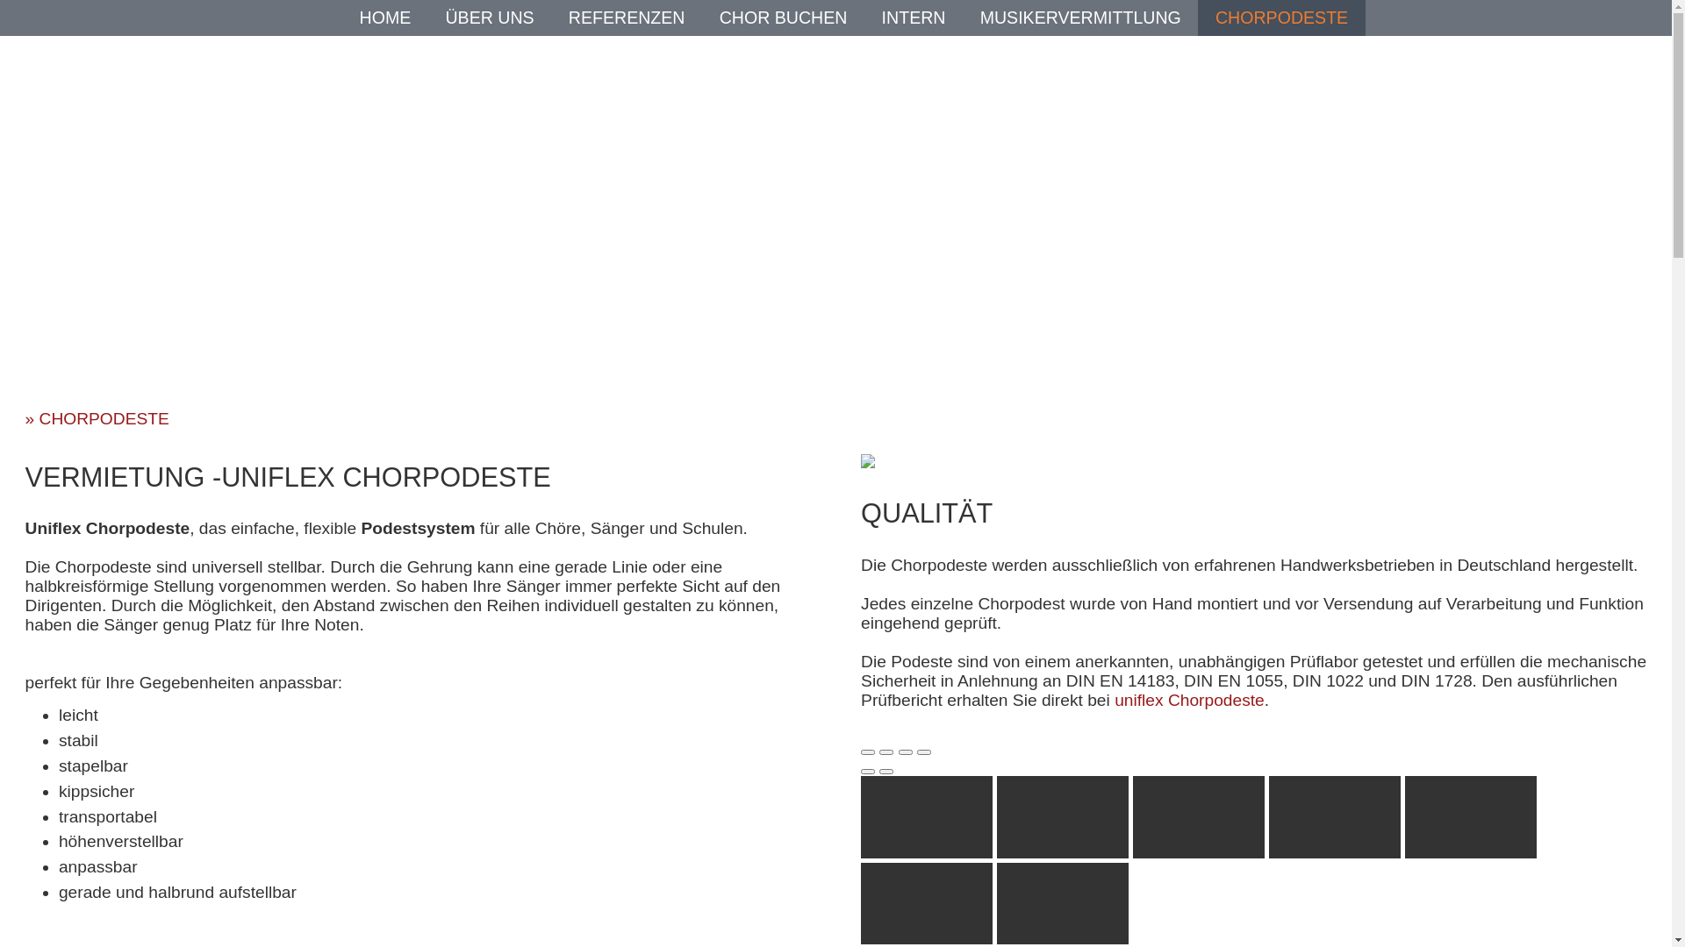 Image resolution: width=1685 pixels, height=947 pixels. I want to click on 'Share', so click(879, 751).